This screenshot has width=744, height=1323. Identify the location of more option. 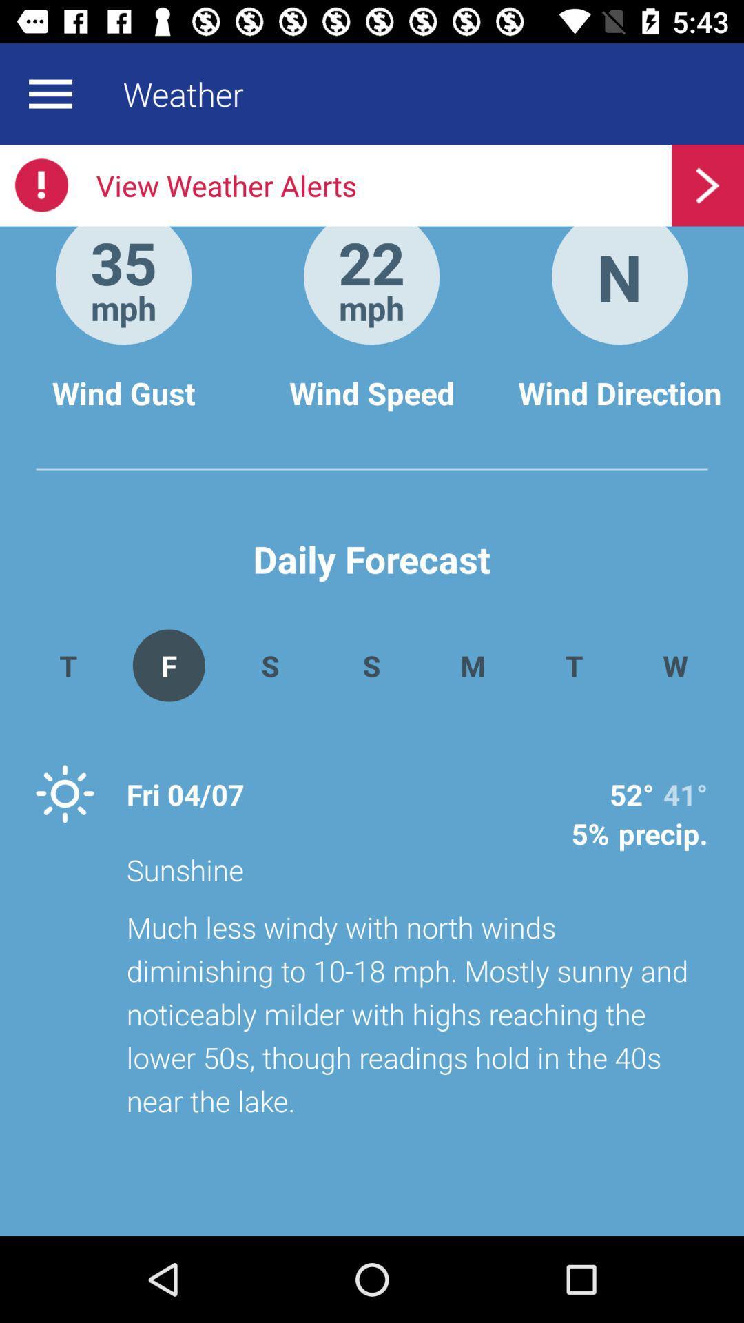
(50, 93).